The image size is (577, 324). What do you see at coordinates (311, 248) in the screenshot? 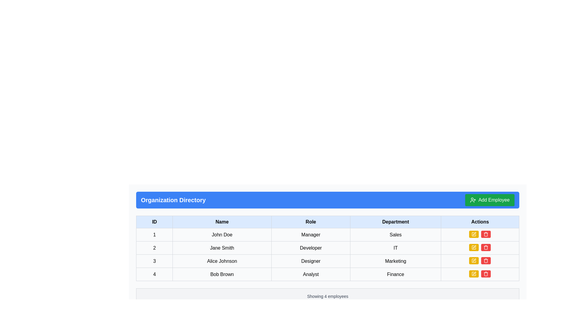
I see `the read-only text cell displaying the role of employee Jane Smith, which is the third cell in the second row of the table under the 'Role' column` at bounding box center [311, 248].